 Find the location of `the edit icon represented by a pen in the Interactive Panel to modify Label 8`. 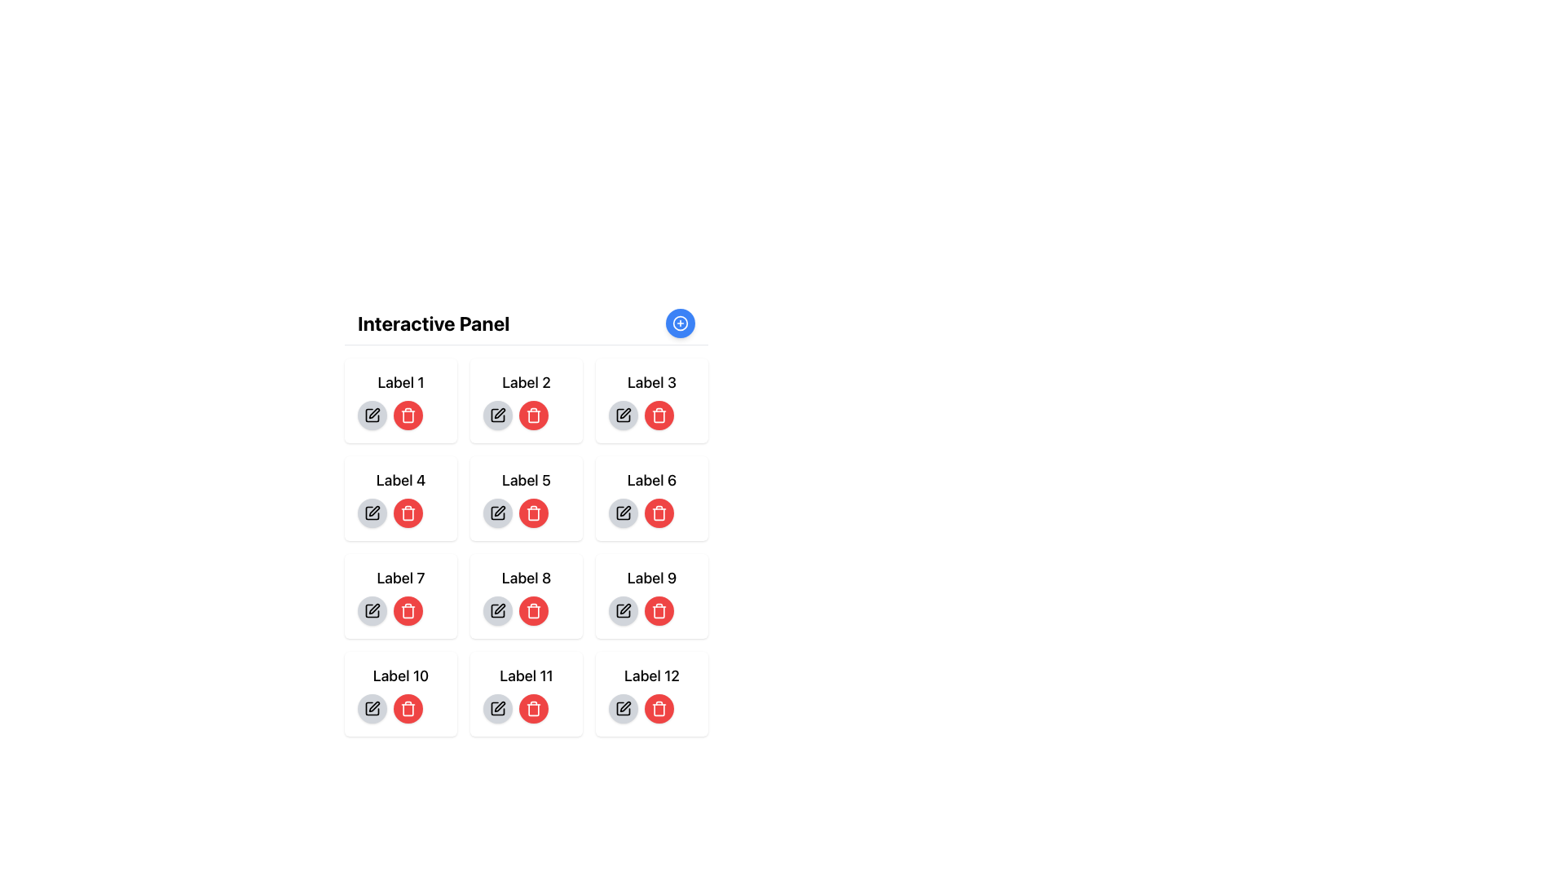

the edit icon represented by a pen in the Interactive Panel to modify Label 8 is located at coordinates (499, 609).